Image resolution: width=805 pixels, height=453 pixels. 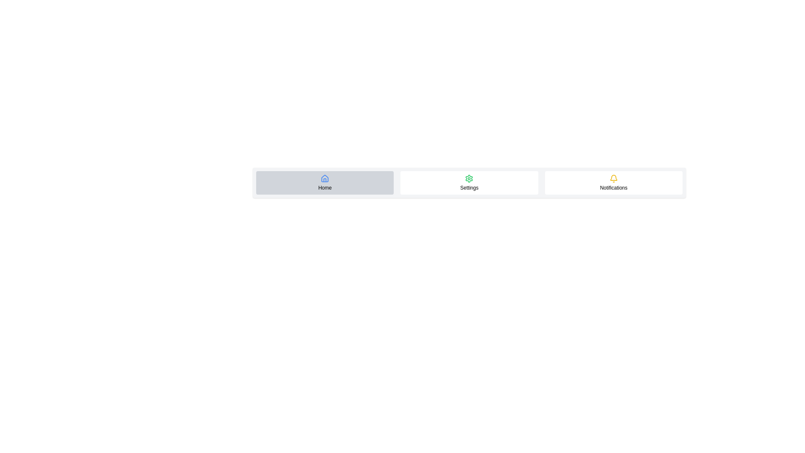 What do you see at coordinates (325, 187) in the screenshot?
I see `the 'Home' label in the navigation bar which indicates it leads to the 'Home' section of the application` at bounding box center [325, 187].